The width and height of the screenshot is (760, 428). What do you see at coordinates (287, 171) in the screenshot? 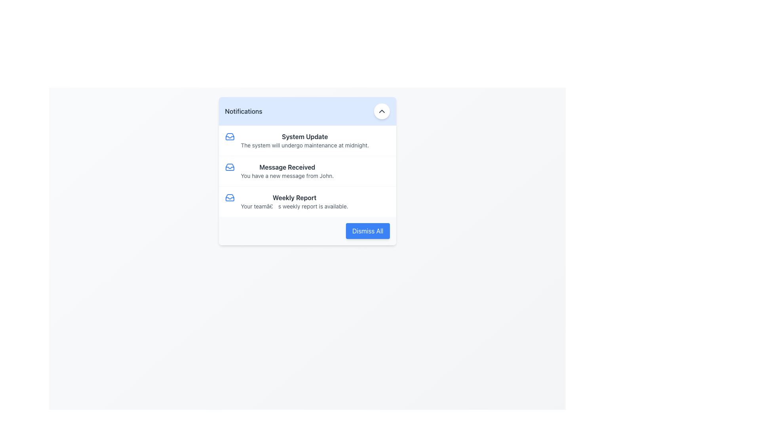
I see `the Text Display labeled 'Message Received' which contains the subtext 'You have a new message from John.'` at bounding box center [287, 171].